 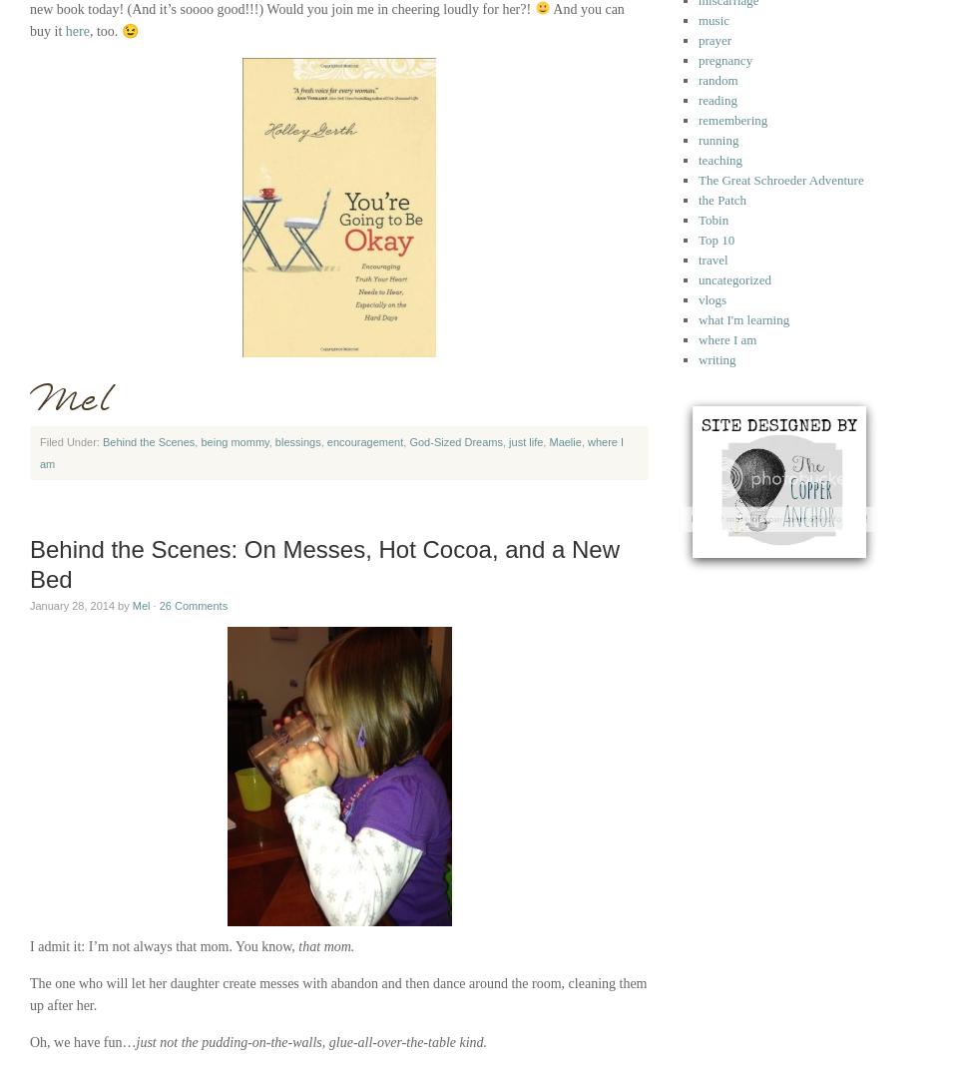 What do you see at coordinates (72, 604) in the screenshot?
I see `'January 28, 2014'` at bounding box center [72, 604].